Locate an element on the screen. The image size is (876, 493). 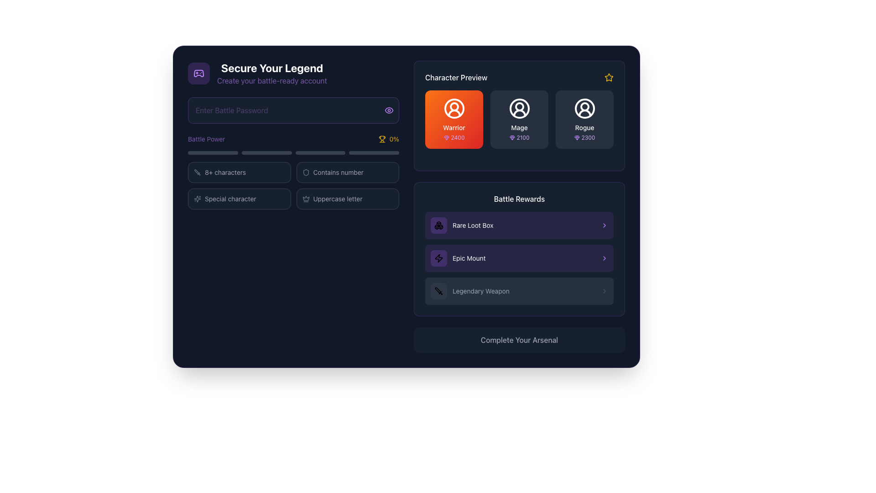
the decorative Circle graphic that serves as part of the visual representation of the 'Warrior' character icon in the 'Character Preview' section is located at coordinates (454, 108).